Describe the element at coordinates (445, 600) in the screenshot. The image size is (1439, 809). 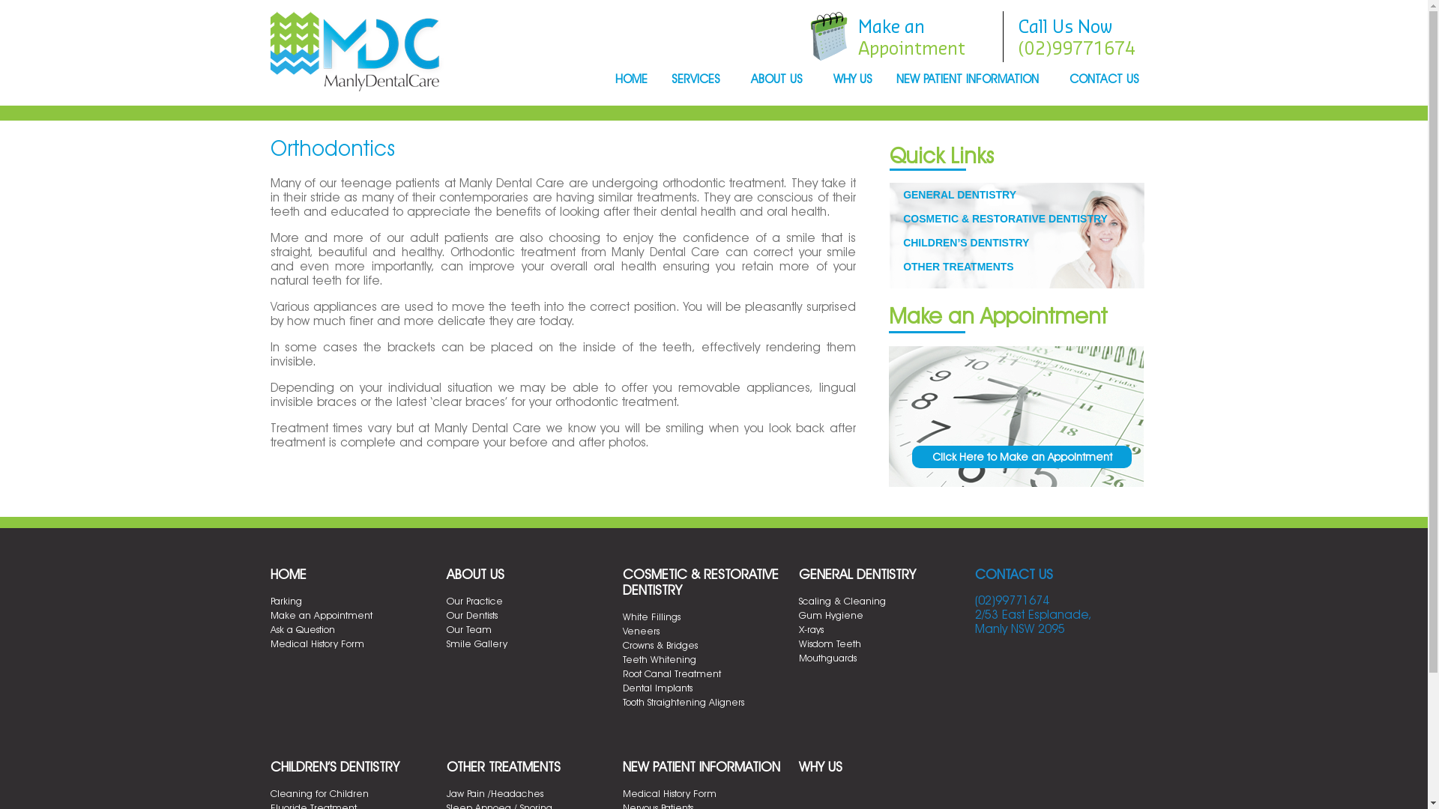
I see `'Our Practice'` at that location.